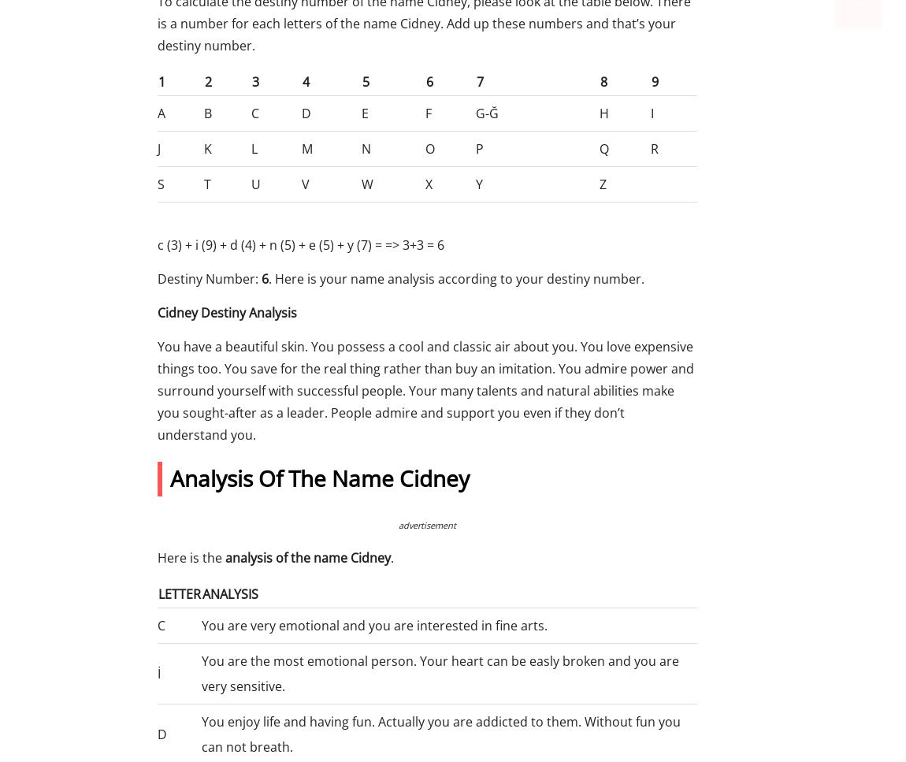  I want to click on 'J', so click(158, 147).